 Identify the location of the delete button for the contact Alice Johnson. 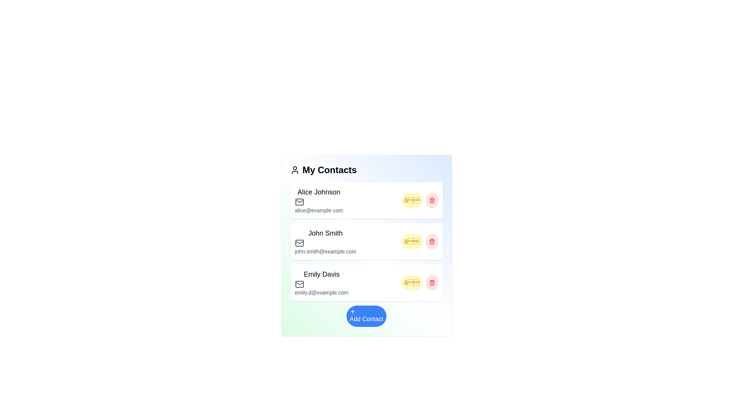
(432, 200).